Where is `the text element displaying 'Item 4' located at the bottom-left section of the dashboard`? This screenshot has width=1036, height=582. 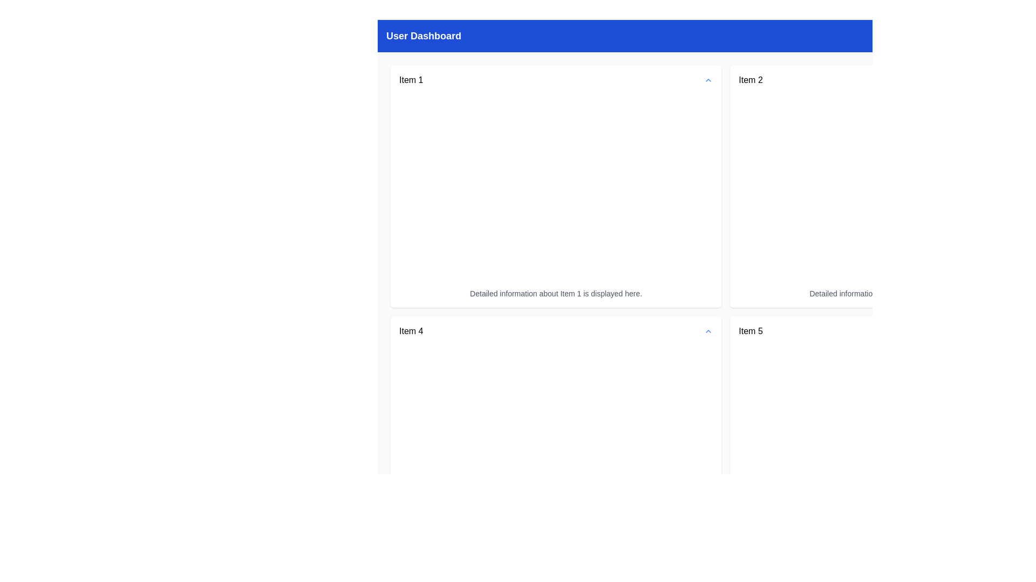 the text element displaying 'Item 4' located at the bottom-left section of the dashboard is located at coordinates (411, 330).